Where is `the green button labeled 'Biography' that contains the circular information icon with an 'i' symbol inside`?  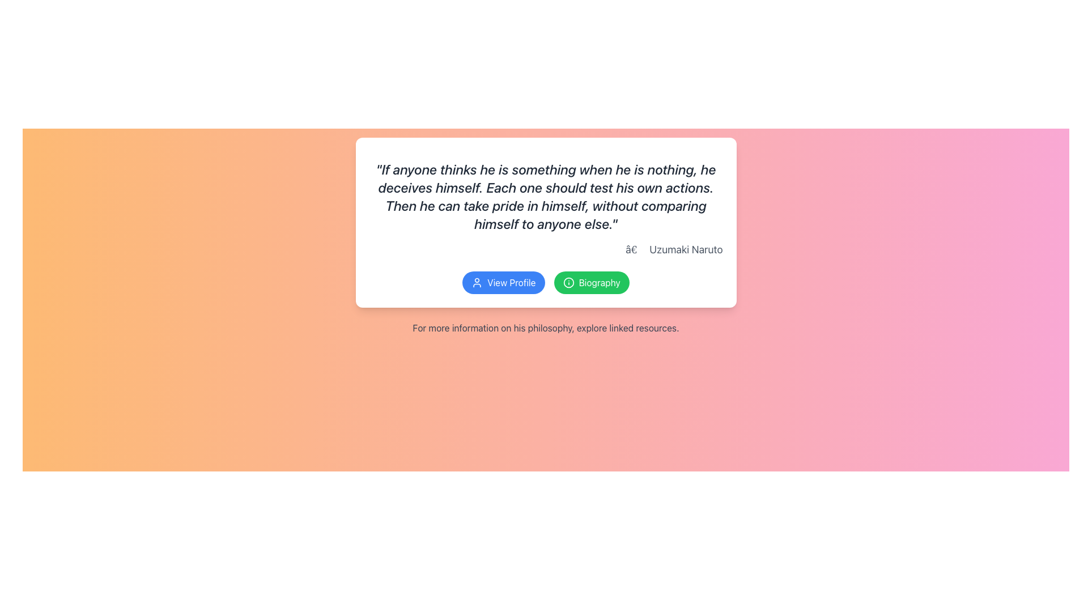
the green button labeled 'Biography' that contains the circular information icon with an 'i' symbol inside is located at coordinates (568, 282).